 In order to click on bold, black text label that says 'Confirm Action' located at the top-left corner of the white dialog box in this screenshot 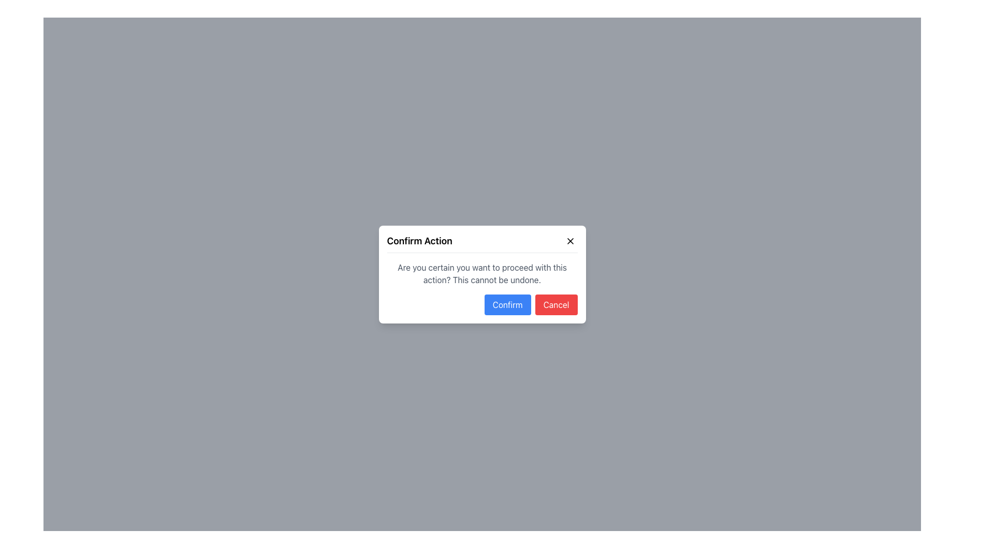, I will do `click(419, 241)`.